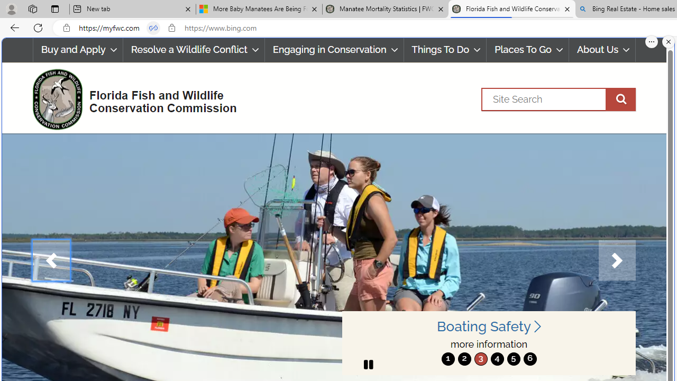 Image resolution: width=677 pixels, height=381 pixels. I want to click on 'Engaging in Conservation', so click(333, 50).